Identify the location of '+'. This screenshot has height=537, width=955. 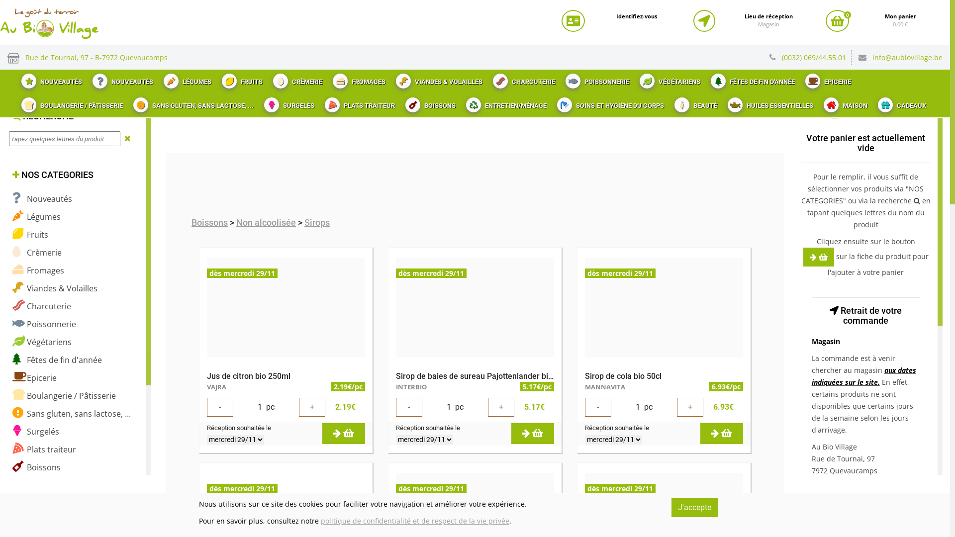
(689, 407).